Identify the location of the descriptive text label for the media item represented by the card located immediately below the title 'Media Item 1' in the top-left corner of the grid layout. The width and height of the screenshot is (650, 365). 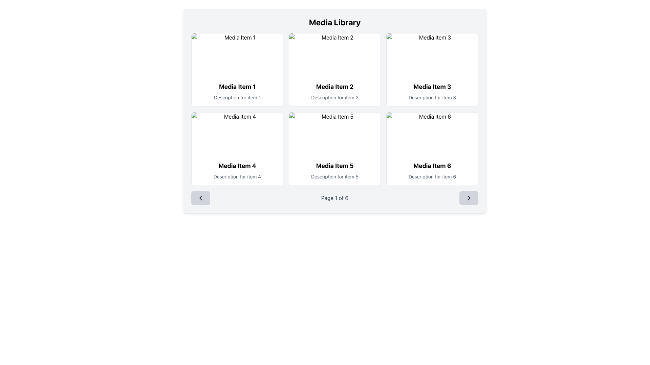
(237, 98).